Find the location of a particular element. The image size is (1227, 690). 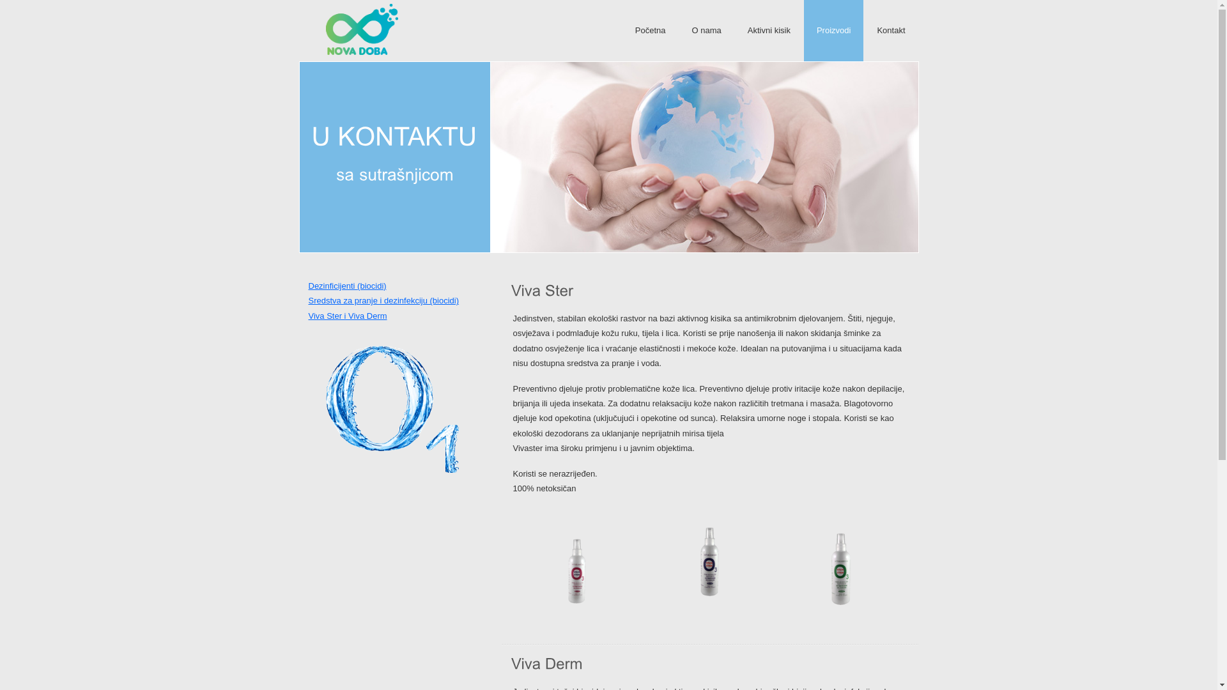

'Dezinficijenti (biocidi)' is located at coordinates (346, 285).